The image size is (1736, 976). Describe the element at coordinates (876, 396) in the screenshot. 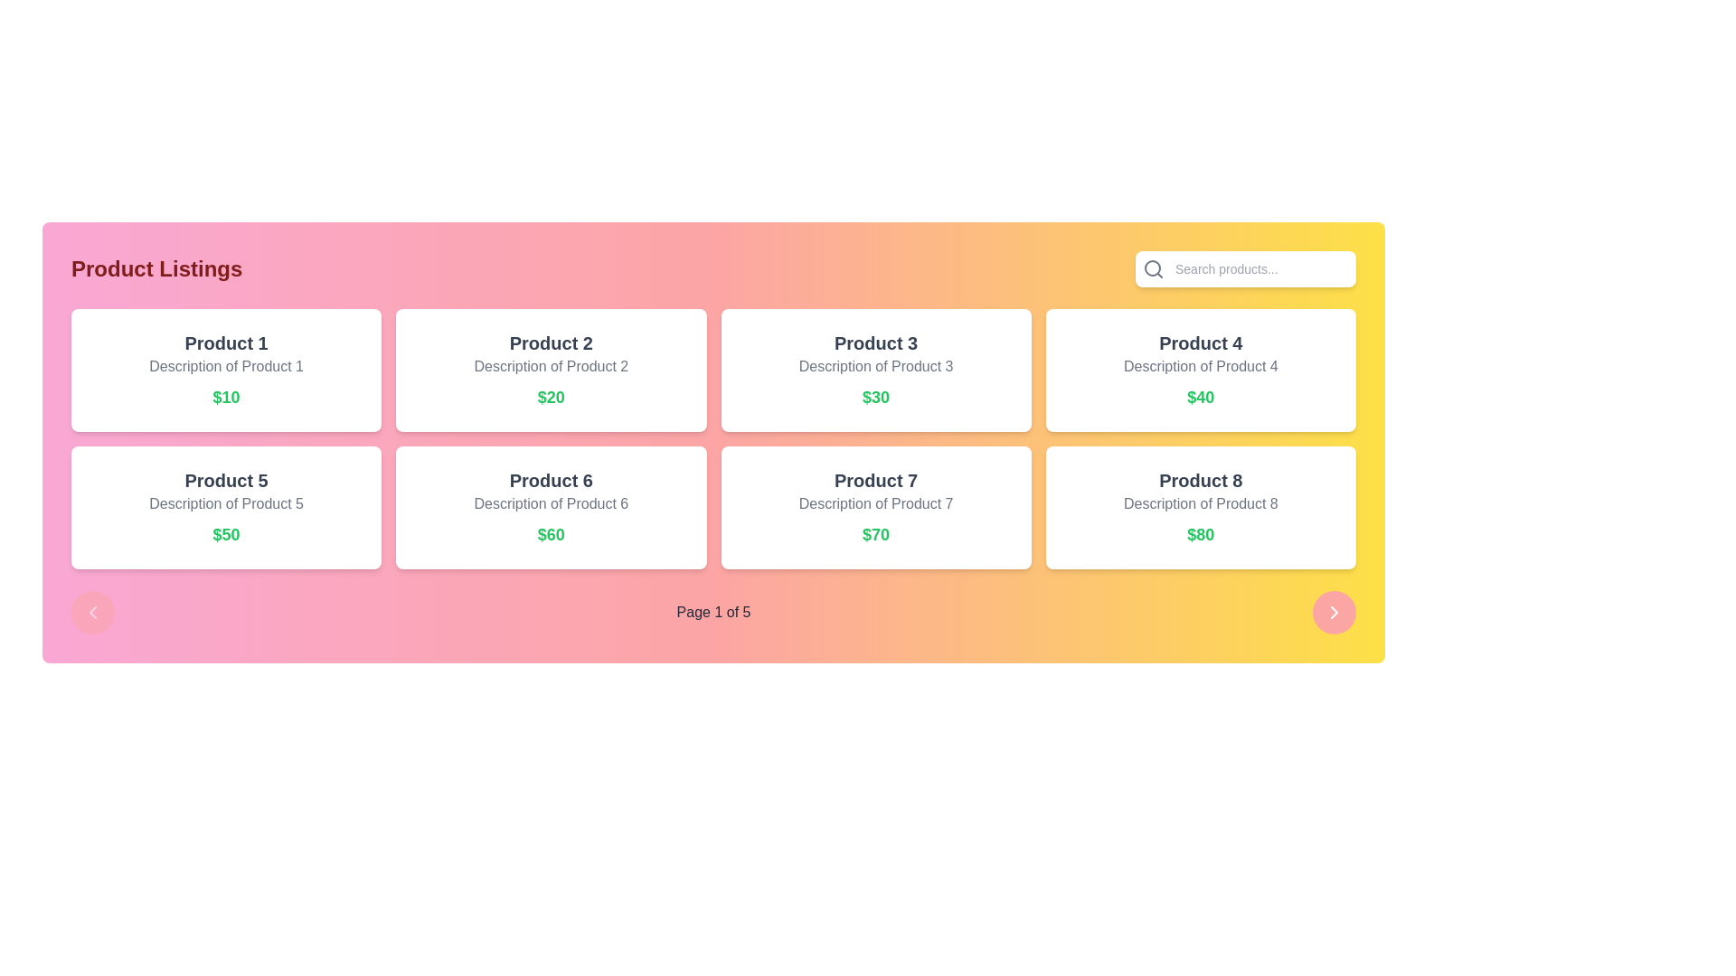

I see `the price label displaying '$30' in bold green font located in the third product card of the first row` at that location.